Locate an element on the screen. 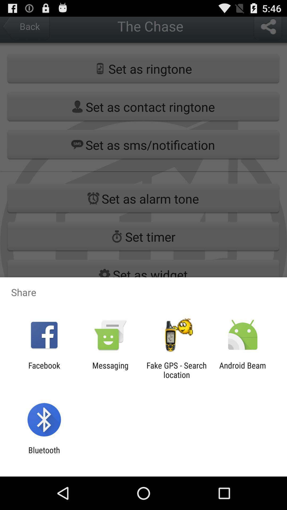  app to the left of fake gps search item is located at coordinates (110, 370).